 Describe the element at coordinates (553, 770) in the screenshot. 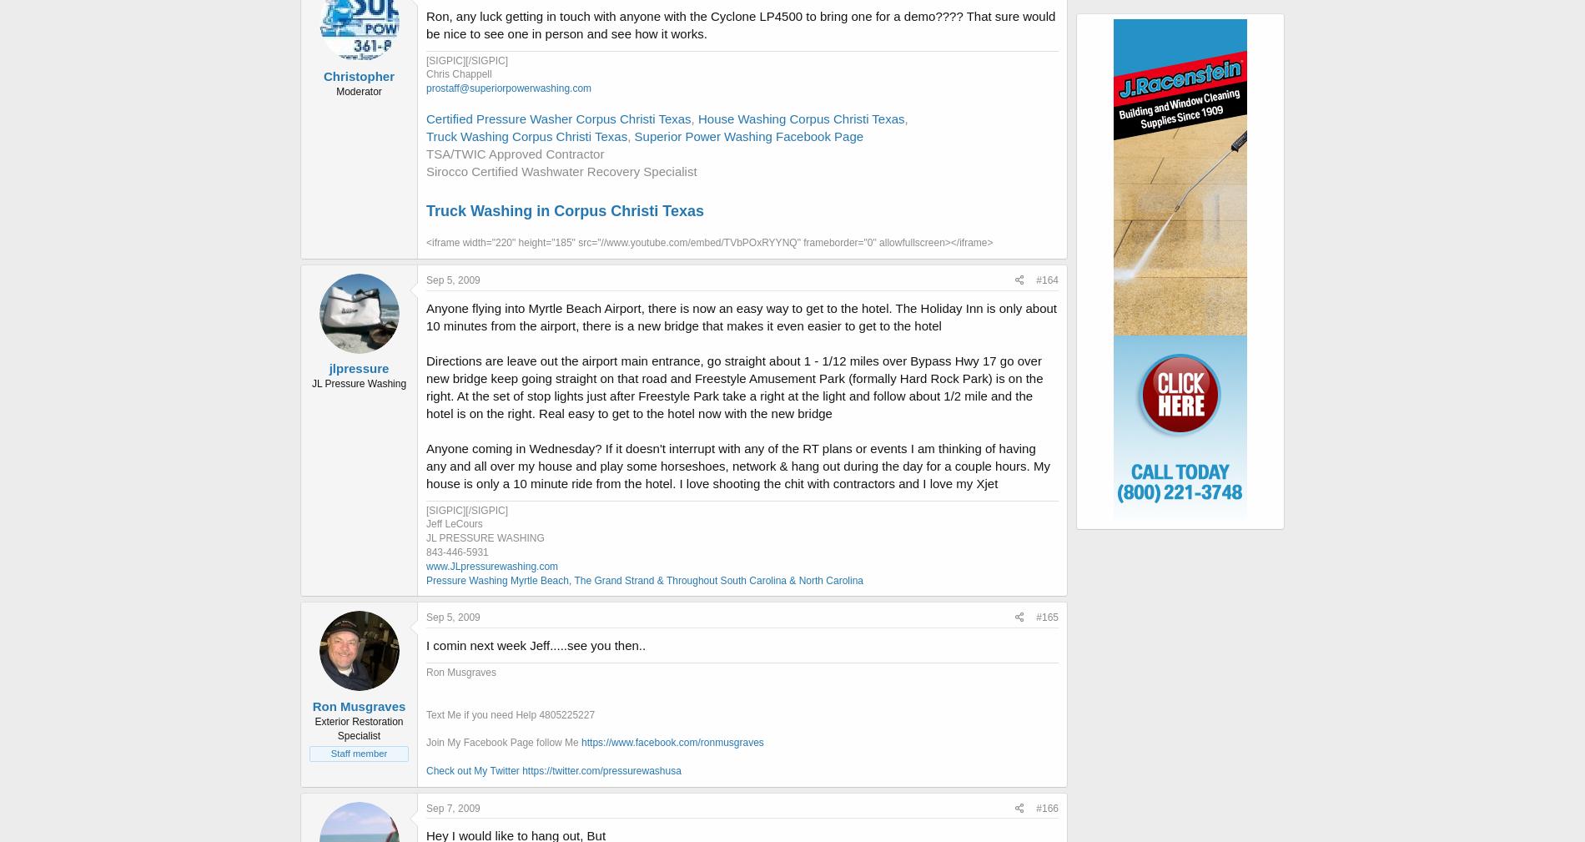

I see `'Check out My Twitter https://twitter.com/pressurewashusa'` at that location.